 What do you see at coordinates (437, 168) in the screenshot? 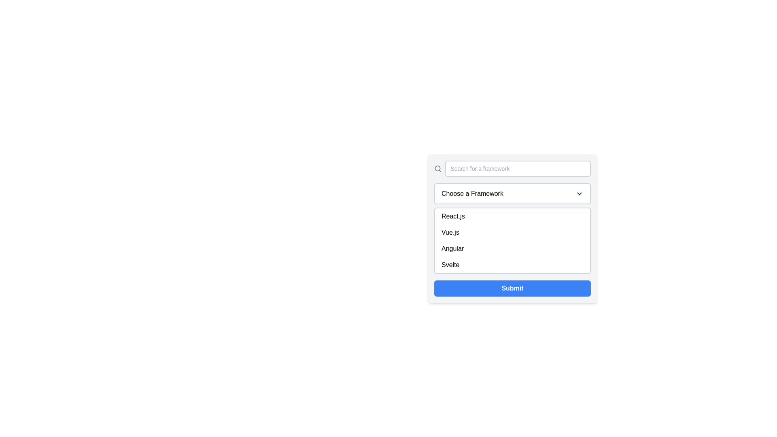
I see `the central circular component of the magnifying glass icon, which symbolizes the lens and visually represents the search functionality` at bounding box center [437, 168].